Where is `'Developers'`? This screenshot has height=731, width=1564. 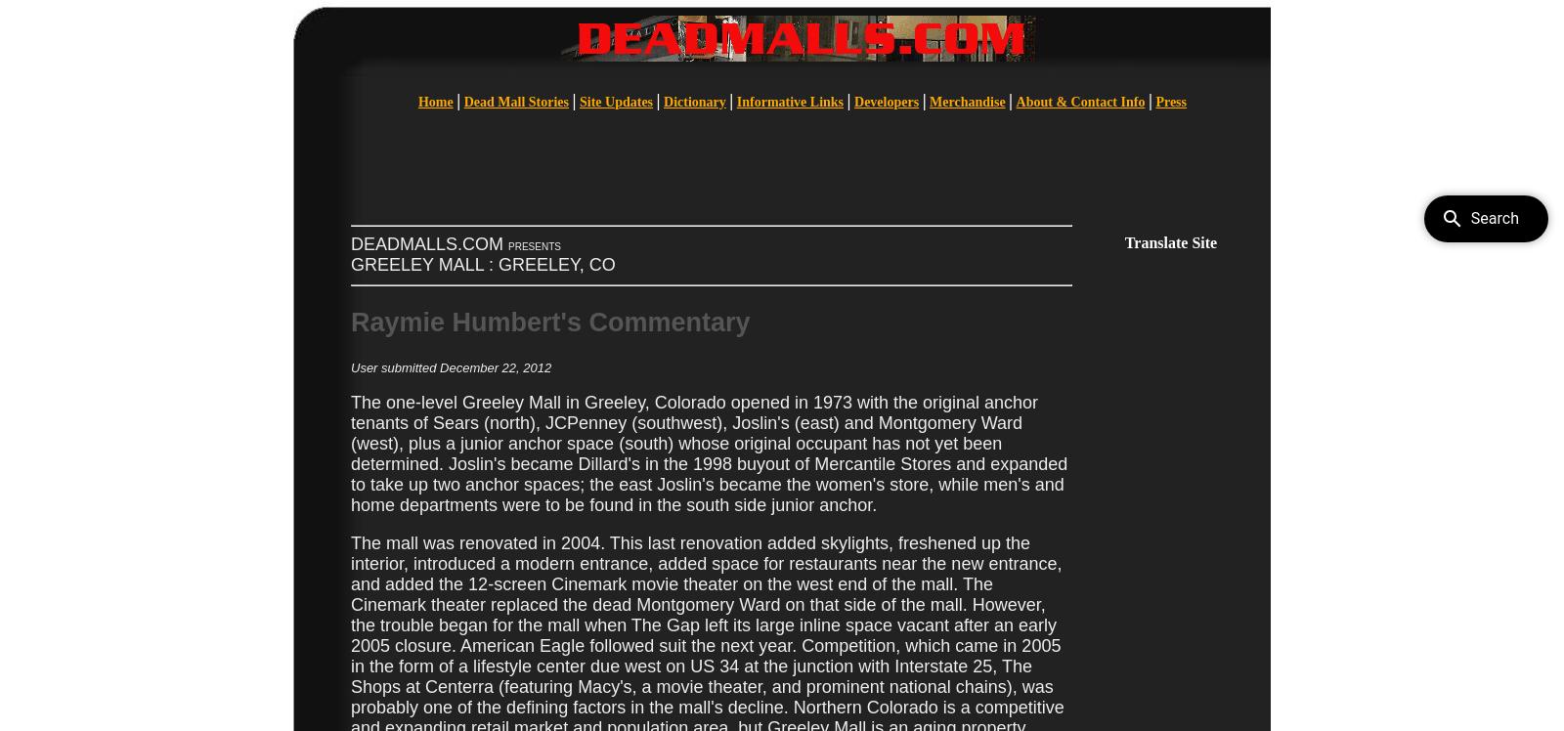
'Developers' is located at coordinates (886, 102).